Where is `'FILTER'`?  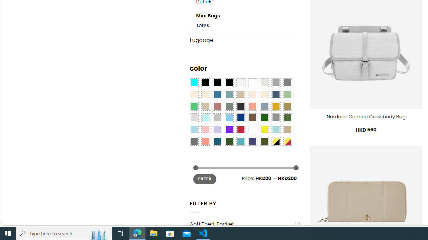
'FILTER' is located at coordinates (204, 179).